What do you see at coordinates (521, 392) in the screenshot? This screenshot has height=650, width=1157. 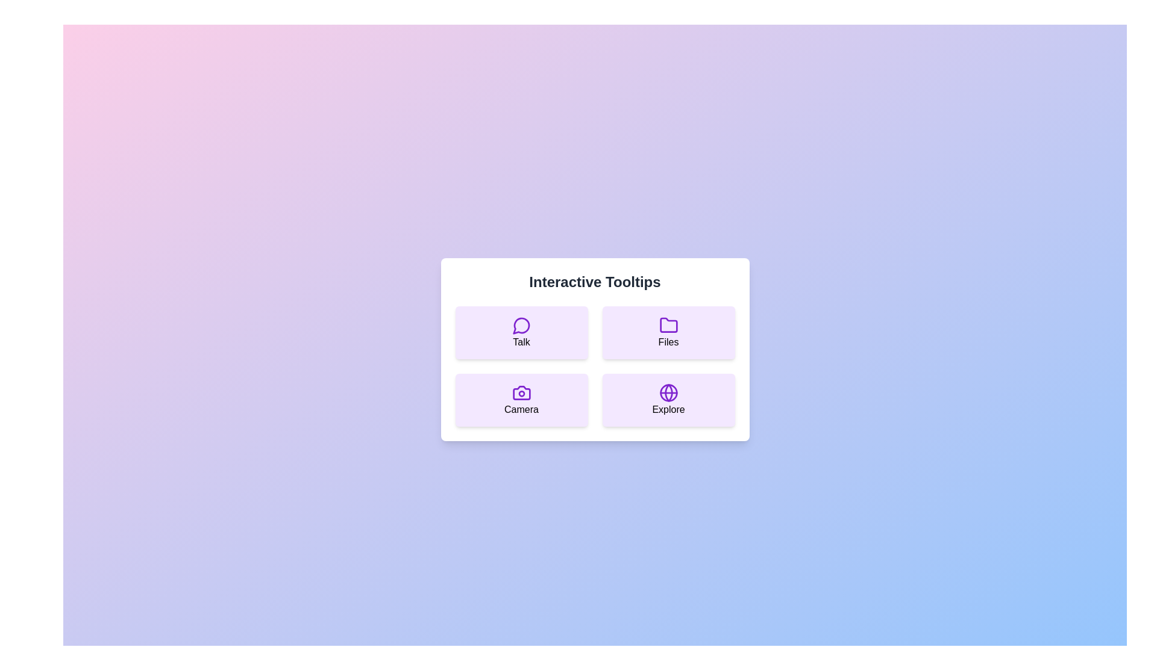 I see `the camera icon in the bottom-left quadrant of the grid` at bounding box center [521, 392].